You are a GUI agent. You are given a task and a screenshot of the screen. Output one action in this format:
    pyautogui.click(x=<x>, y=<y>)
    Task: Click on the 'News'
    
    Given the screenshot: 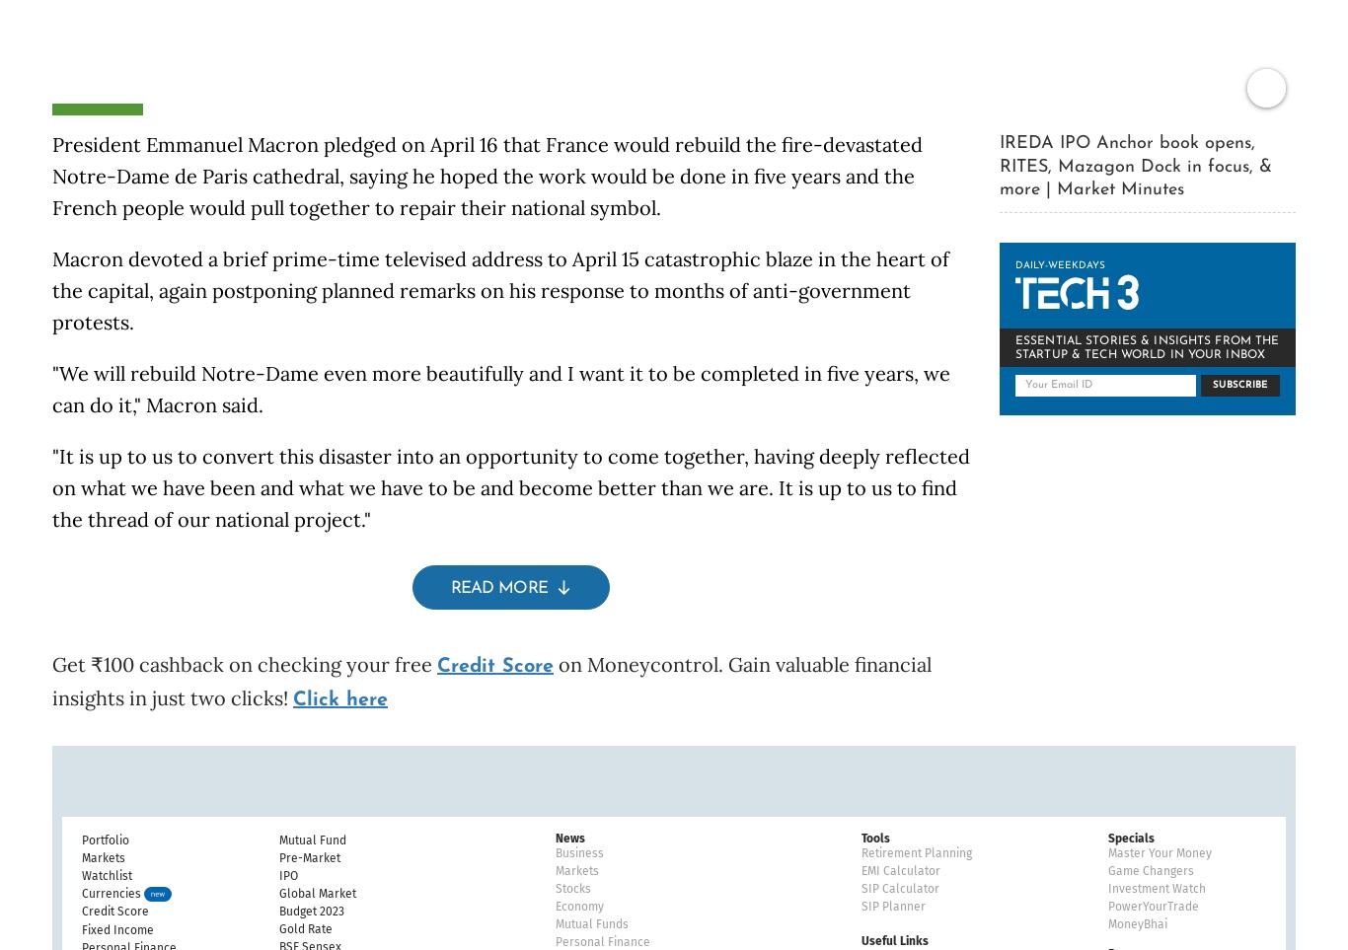 What is the action you would take?
    pyautogui.click(x=568, y=837)
    